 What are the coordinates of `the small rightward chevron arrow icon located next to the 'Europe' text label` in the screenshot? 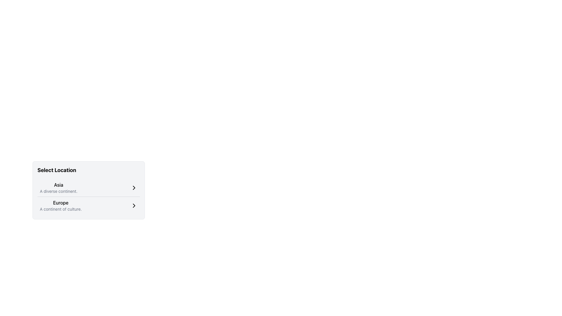 It's located at (133, 205).